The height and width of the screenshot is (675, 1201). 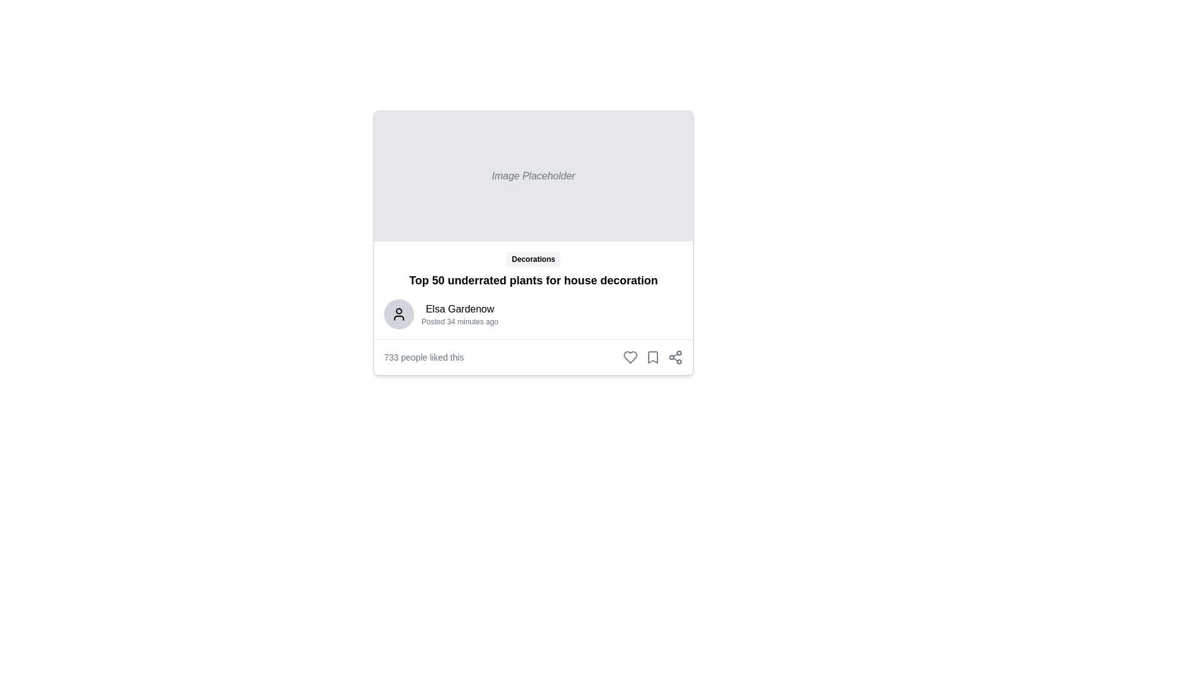 What do you see at coordinates (652, 357) in the screenshot?
I see `the bookmark icon button located in the bottom-right corner of the card interface to bookmark the content` at bounding box center [652, 357].